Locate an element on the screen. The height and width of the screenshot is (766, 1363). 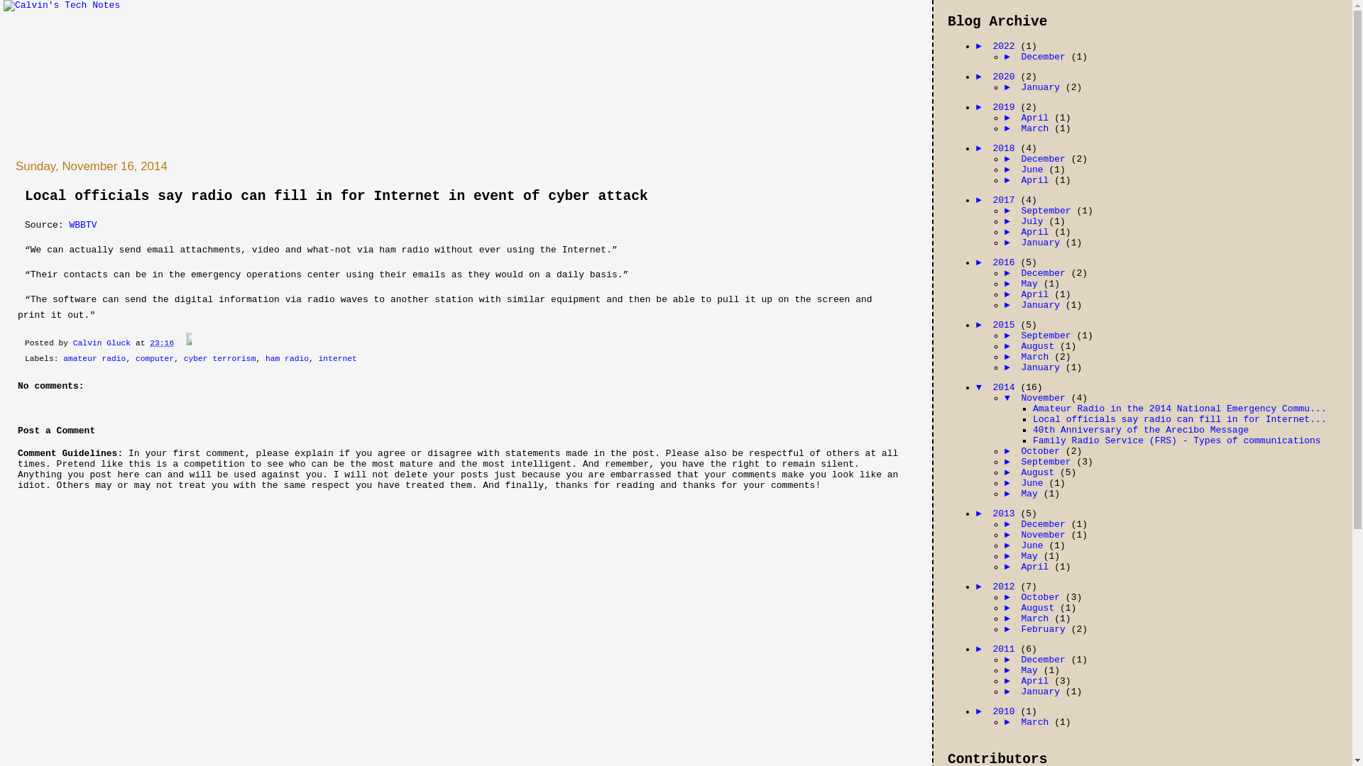
'December' is located at coordinates (1046, 56).